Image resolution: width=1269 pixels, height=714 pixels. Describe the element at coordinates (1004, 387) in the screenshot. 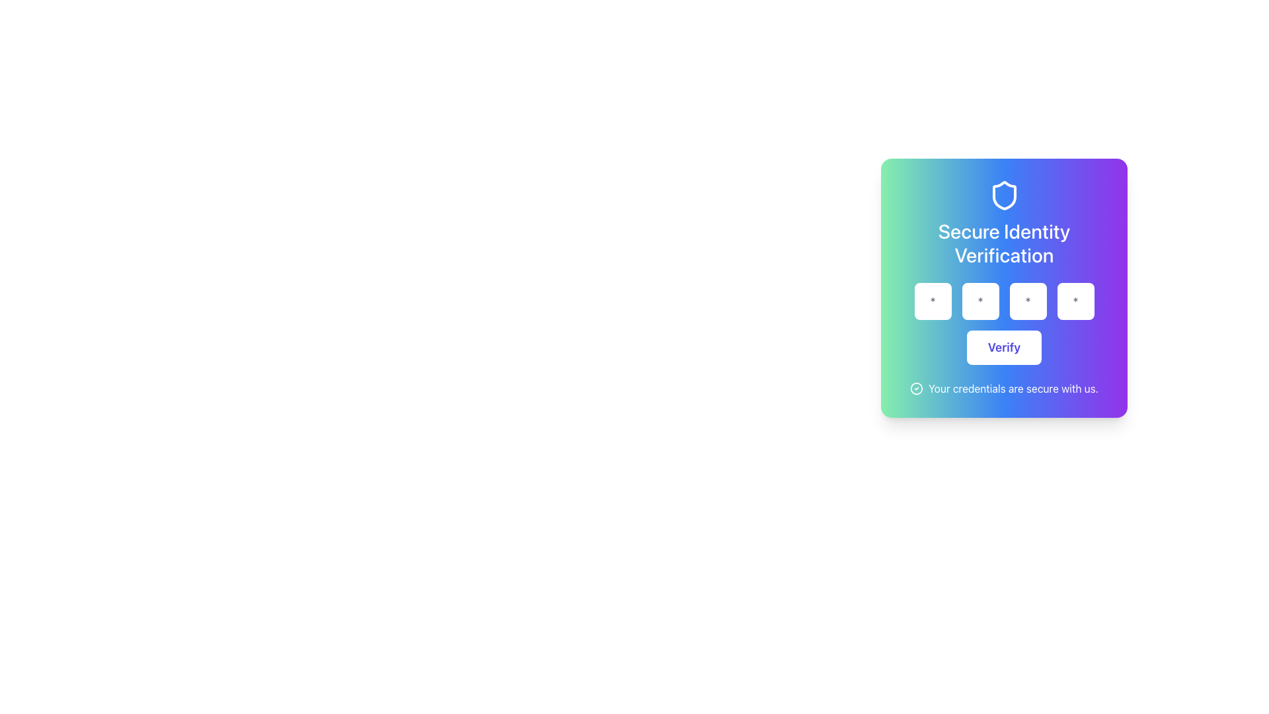

I see `the assurance message text with accompanying icon located at the bottom of the card-like component, which conveys the security of user credentials` at that location.